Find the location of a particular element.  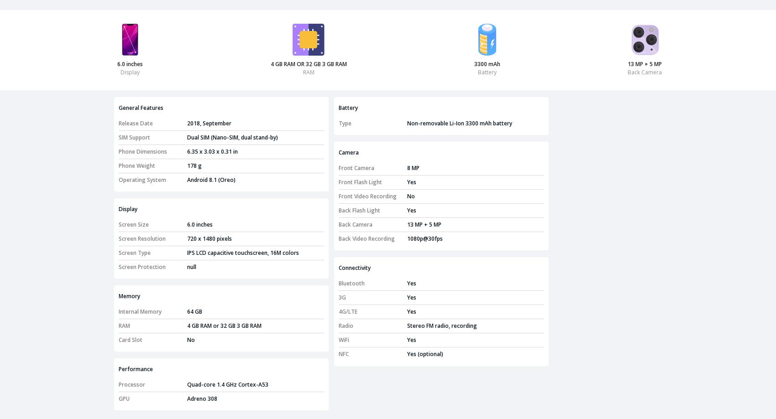

'Dual SIM (Nano-SIM, dual stand-by)' is located at coordinates (232, 136).